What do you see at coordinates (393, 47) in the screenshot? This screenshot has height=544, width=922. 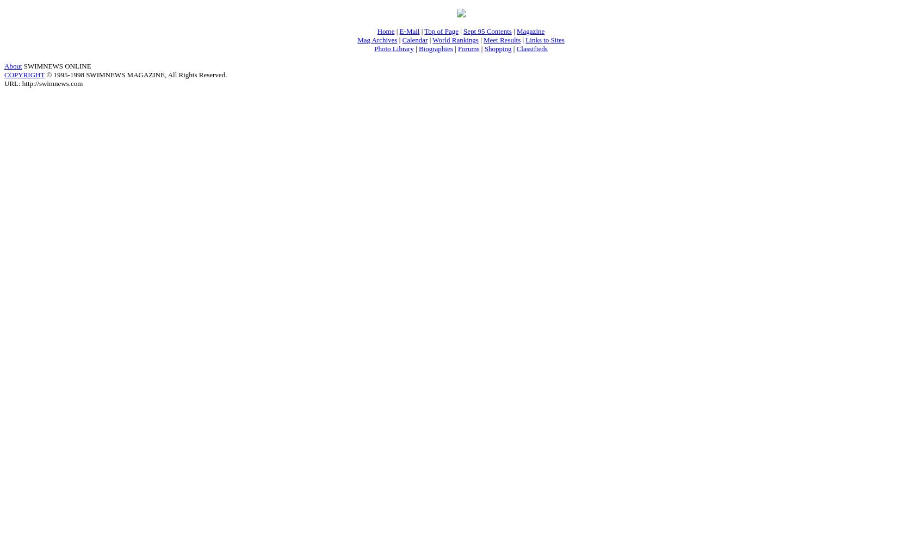 I see `'Photo Library'` at bounding box center [393, 47].